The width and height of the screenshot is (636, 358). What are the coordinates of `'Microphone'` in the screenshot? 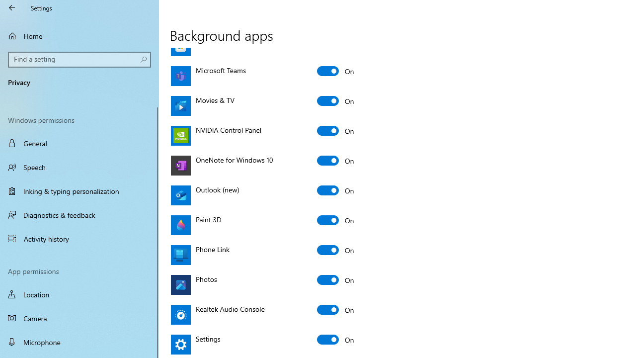 It's located at (79, 341).